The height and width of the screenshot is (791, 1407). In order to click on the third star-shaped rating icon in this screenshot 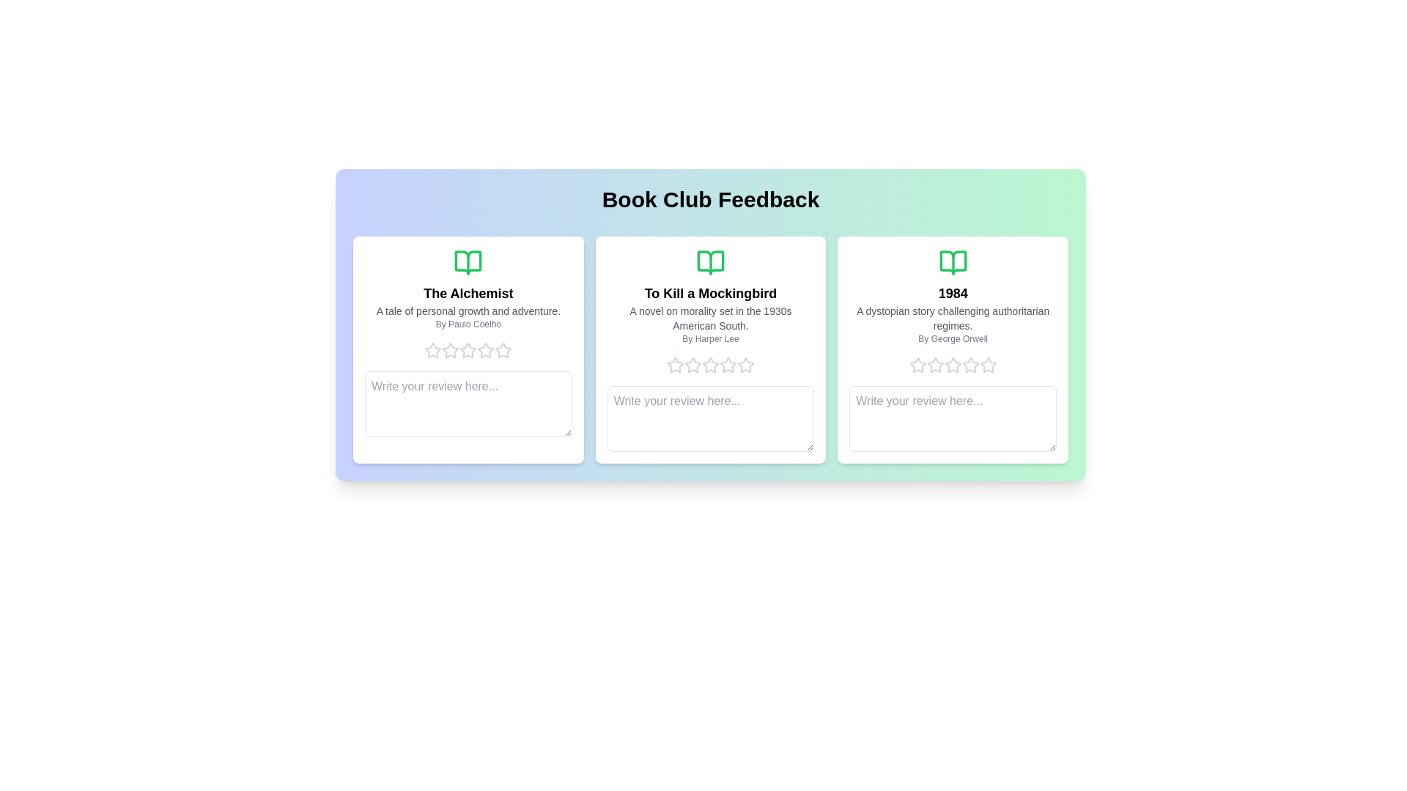, I will do `click(745, 364)`.